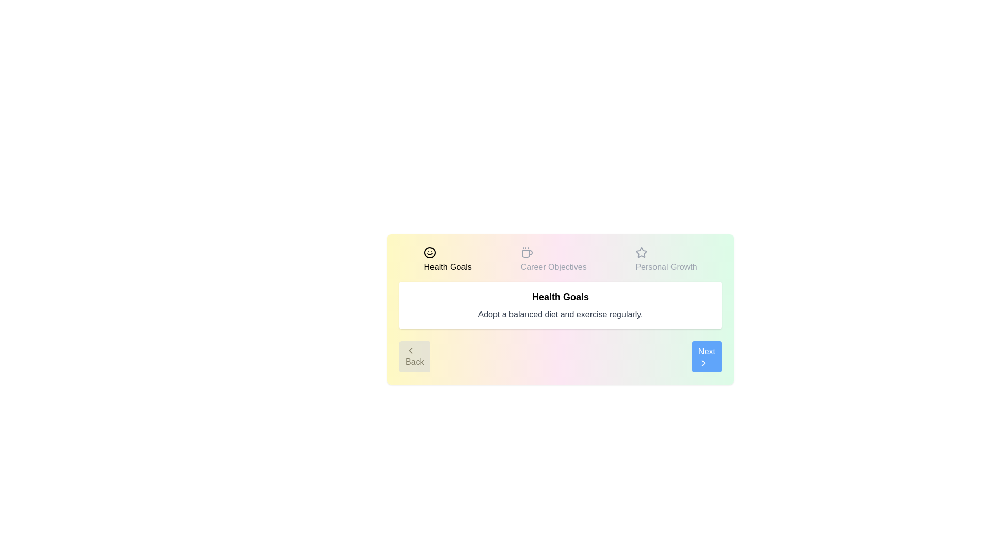  I want to click on the 'Back' button to navigate to the previous step, so click(414, 356).